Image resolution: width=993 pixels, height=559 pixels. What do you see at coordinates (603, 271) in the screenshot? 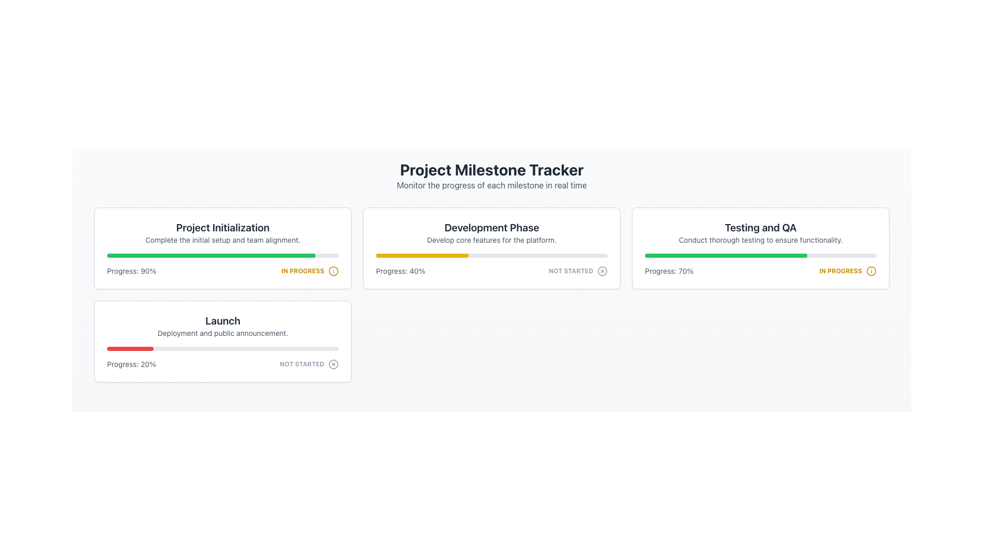
I see `the circular outline icon at the bottom right of the 'Development Phase' panel, which represents a 'not started' status` at bounding box center [603, 271].